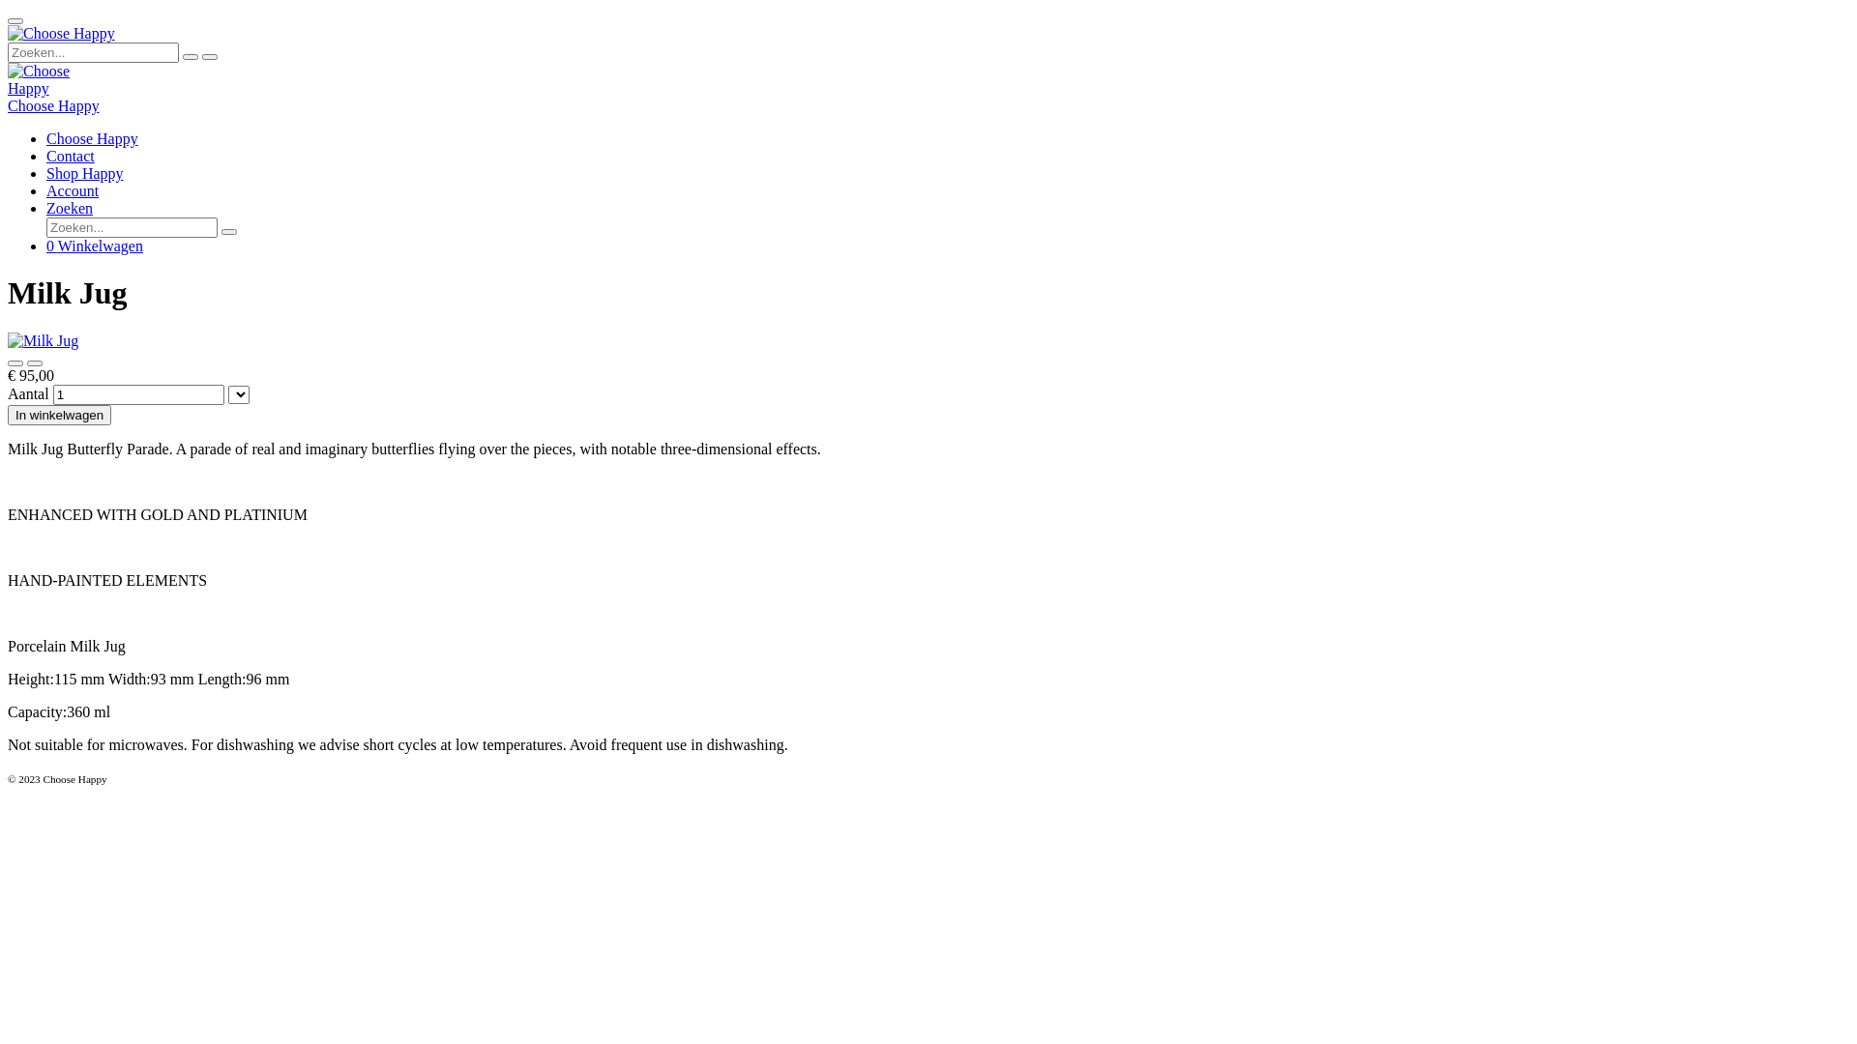  Describe the element at coordinates (46, 245) in the screenshot. I see `'0 Winkelwagen'` at that location.